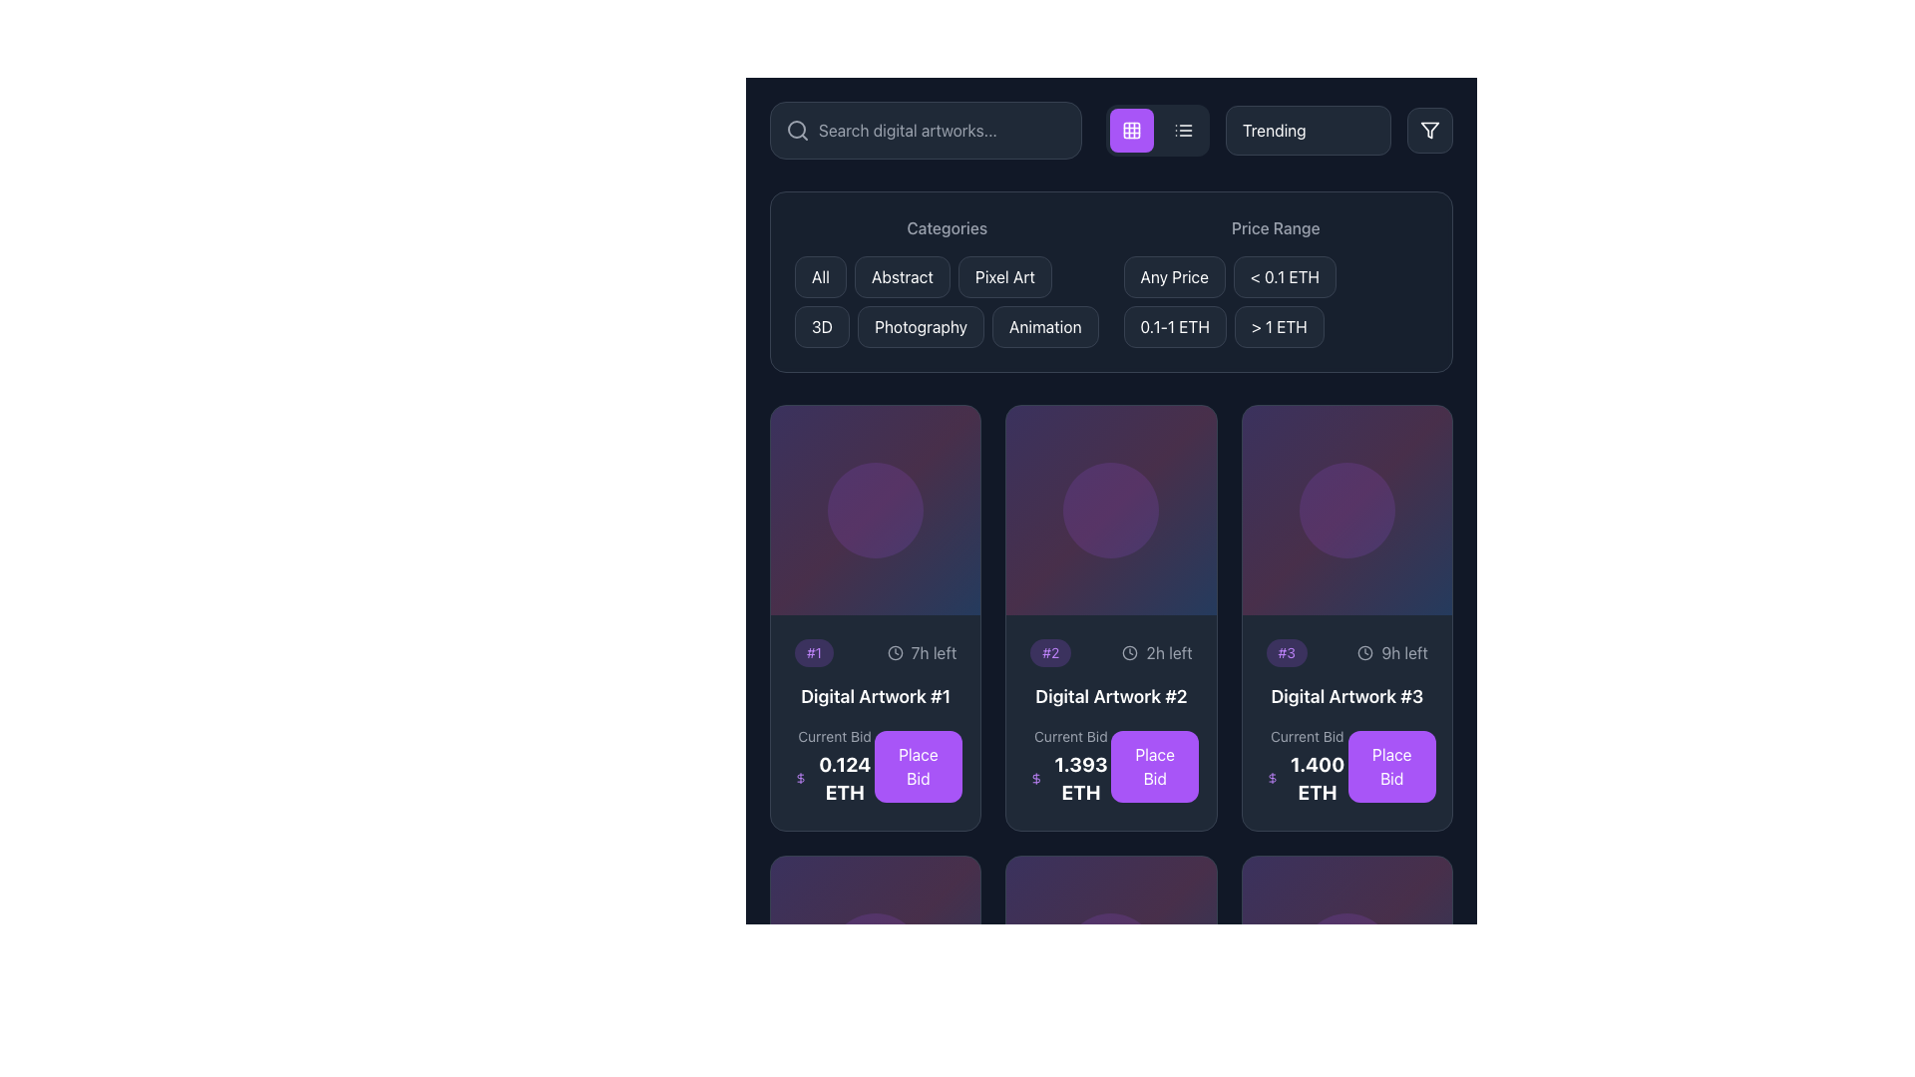 Image resolution: width=1915 pixels, height=1077 pixels. What do you see at coordinates (1044, 325) in the screenshot?
I see `the 'Animation' button, which is a rectangular button with rounded corners, dark gray background, and white text` at bounding box center [1044, 325].